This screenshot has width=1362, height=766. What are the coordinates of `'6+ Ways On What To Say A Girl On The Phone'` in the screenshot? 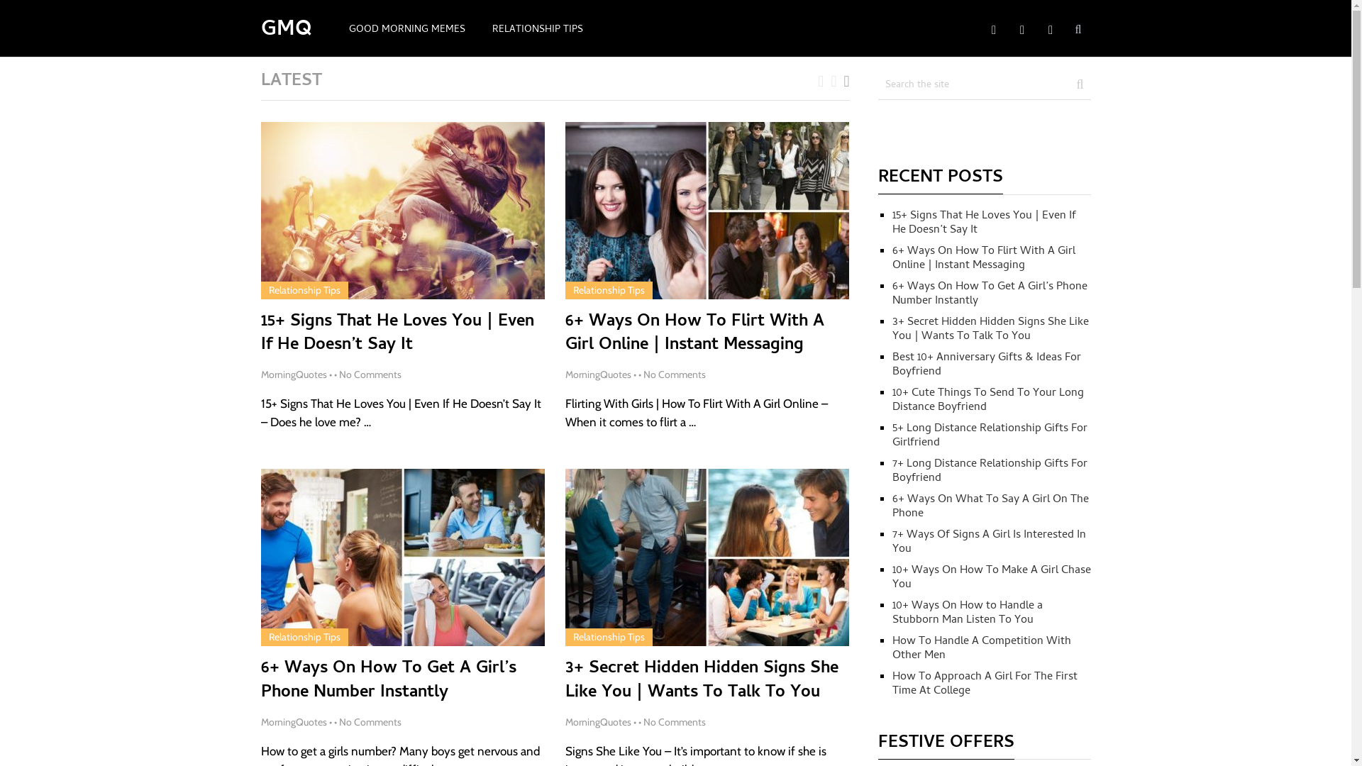 It's located at (990, 506).